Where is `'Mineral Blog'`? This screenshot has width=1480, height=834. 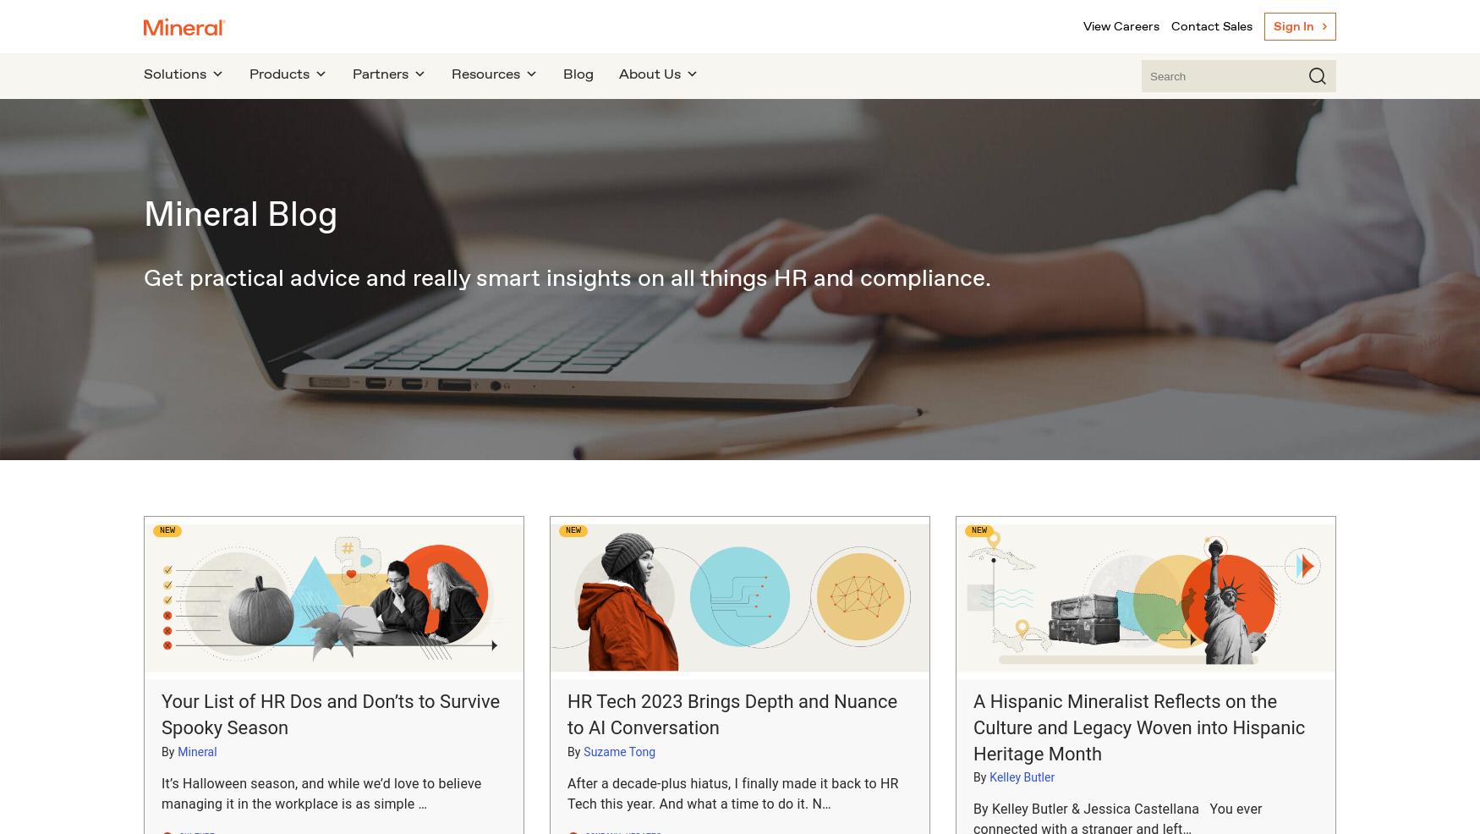
'Mineral Blog' is located at coordinates (142, 212).